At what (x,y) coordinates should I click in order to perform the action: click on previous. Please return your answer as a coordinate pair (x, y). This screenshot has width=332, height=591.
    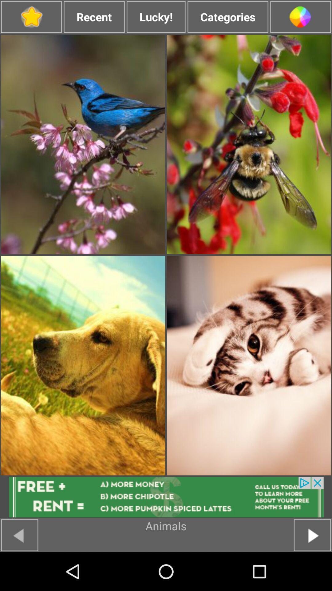
    Looking at the image, I should click on (19, 535).